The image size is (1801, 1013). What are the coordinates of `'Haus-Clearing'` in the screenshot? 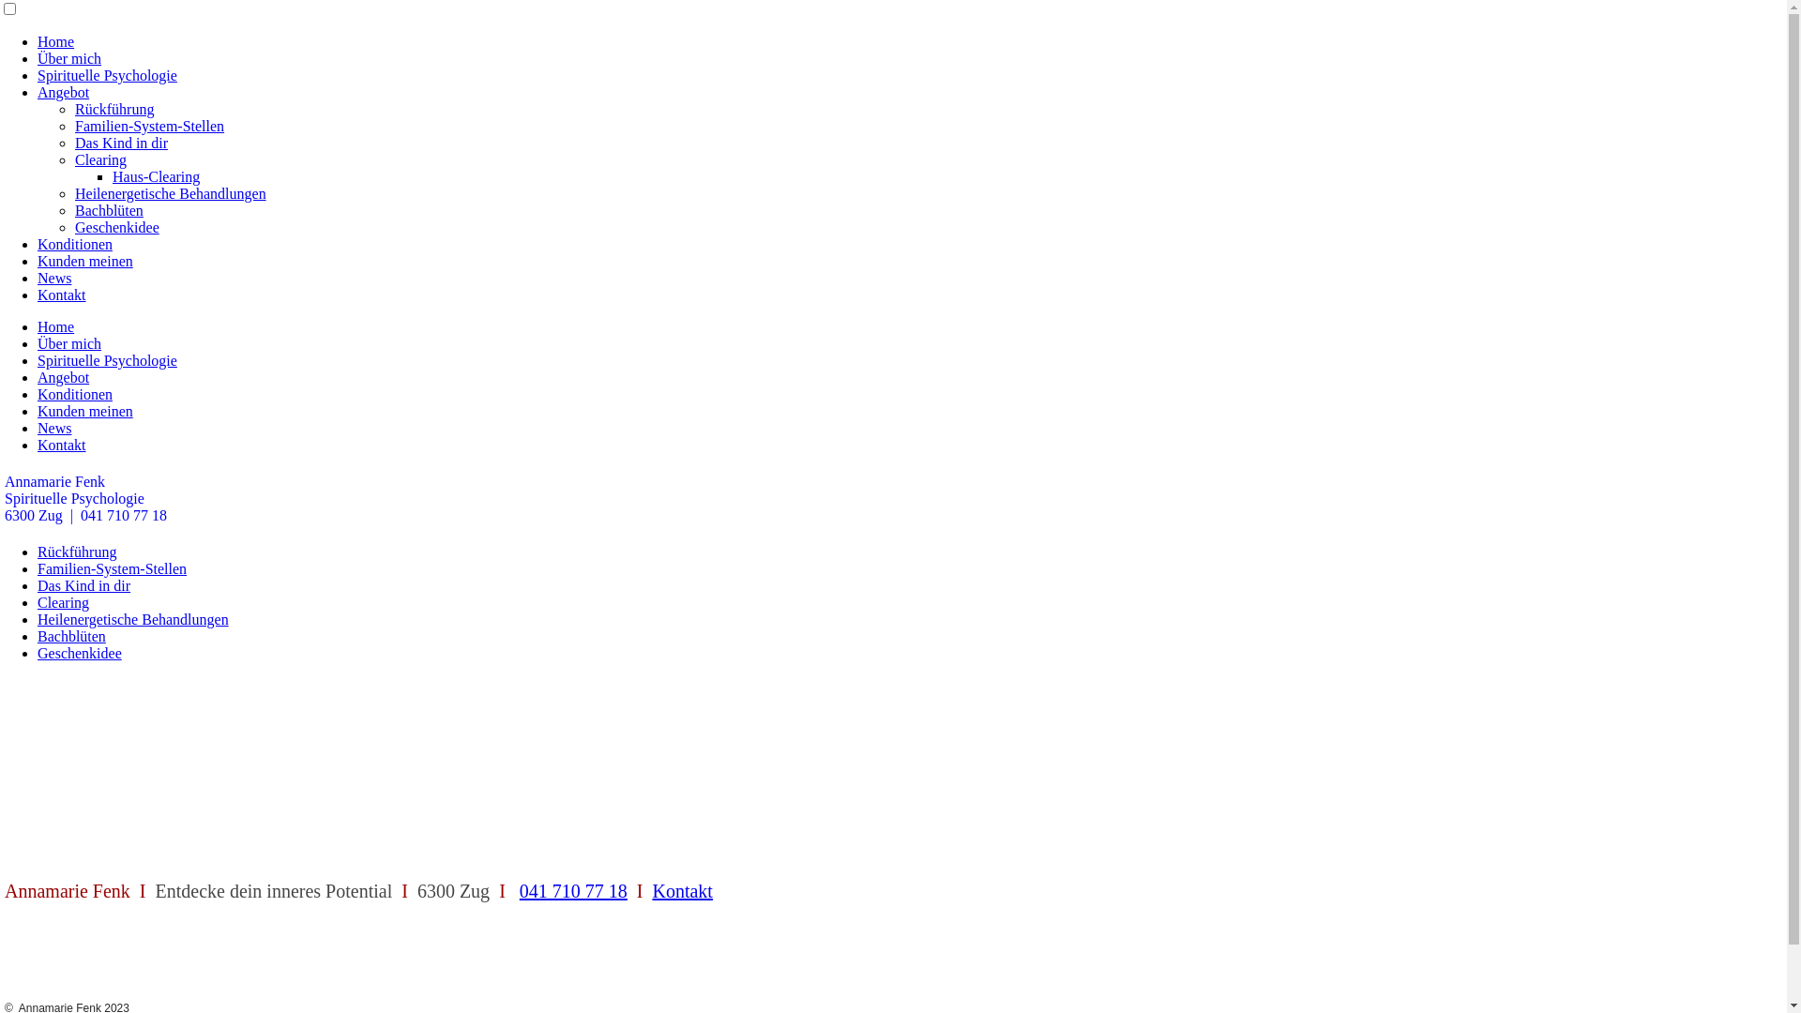 It's located at (156, 176).